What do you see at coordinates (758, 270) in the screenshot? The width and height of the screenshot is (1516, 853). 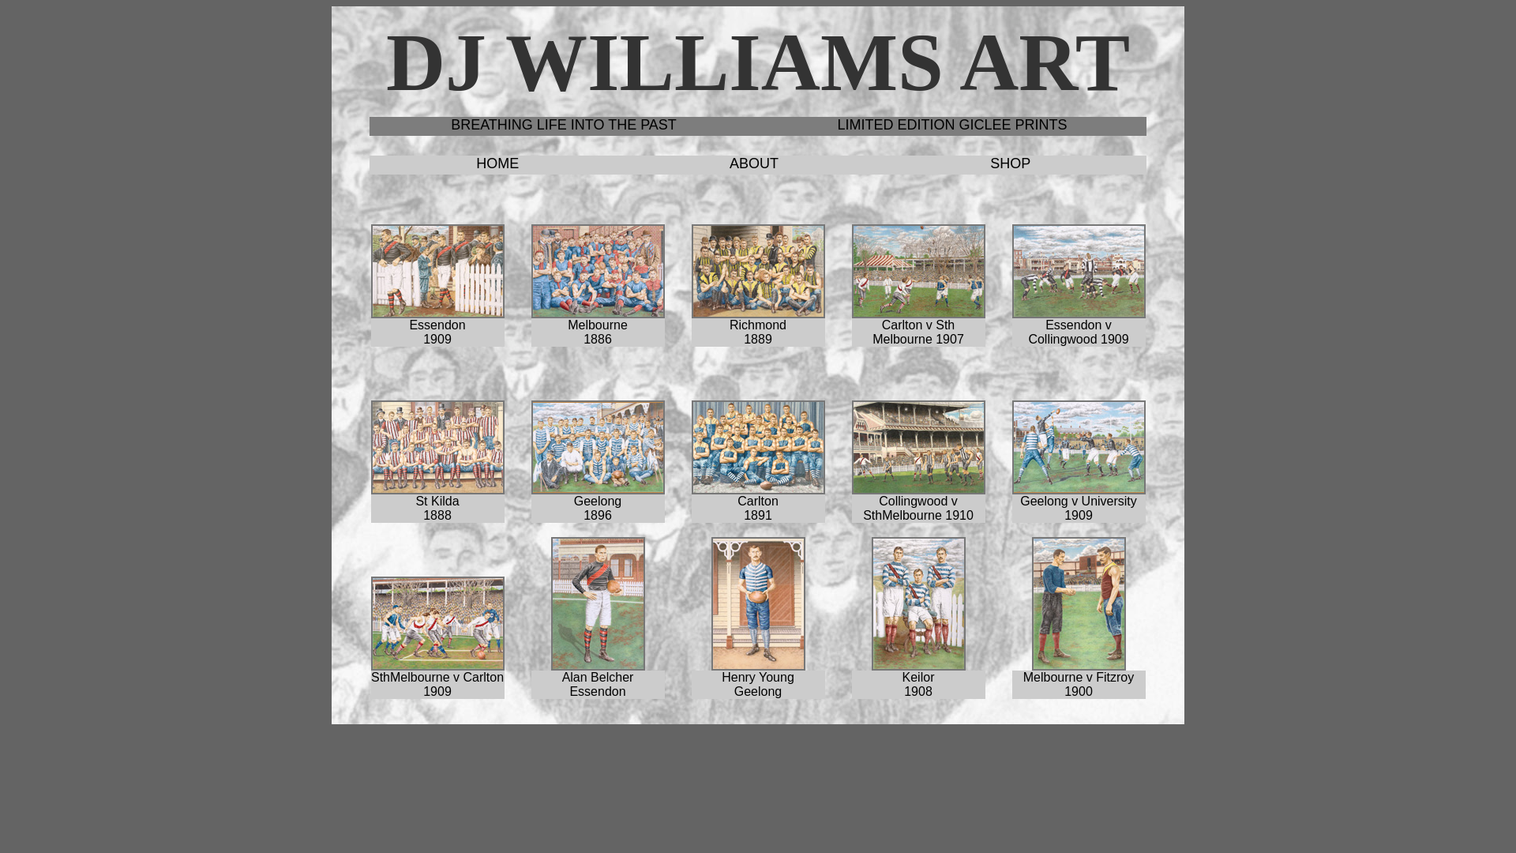 I see `'4-89-Richmond.jpg'` at bounding box center [758, 270].